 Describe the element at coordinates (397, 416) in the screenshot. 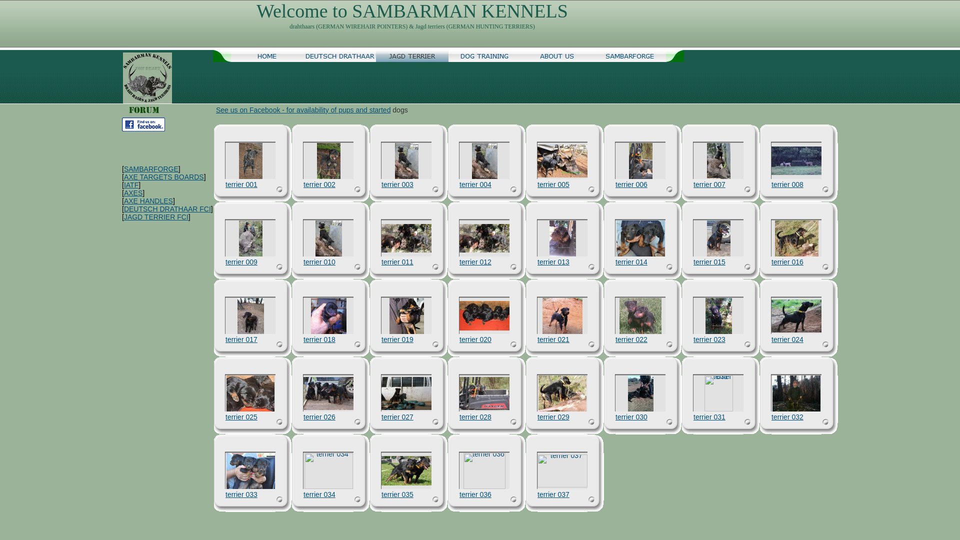

I see `'terrier 027'` at that location.